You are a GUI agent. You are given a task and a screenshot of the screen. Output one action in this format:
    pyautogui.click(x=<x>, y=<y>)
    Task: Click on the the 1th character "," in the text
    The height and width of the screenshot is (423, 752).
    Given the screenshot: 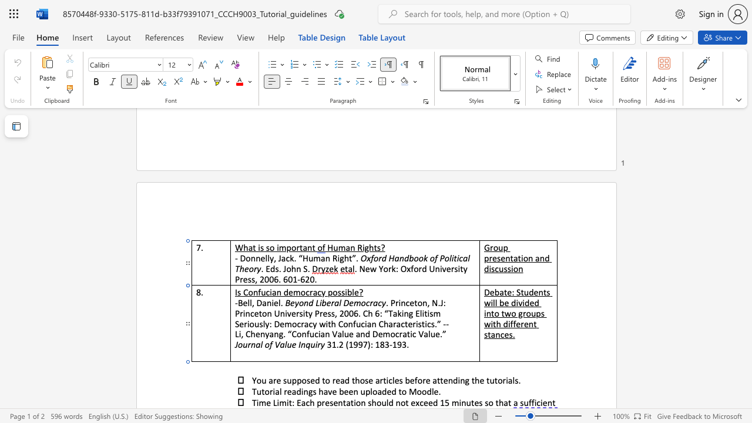 What is the action you would take?
    pyautogui.click(x=252, y=302)
    